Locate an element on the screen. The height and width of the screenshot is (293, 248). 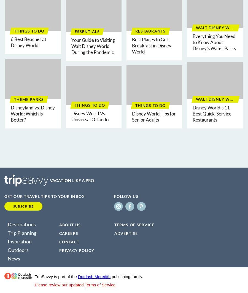
'Dotdash Meredith' is located at coordinates (94, 276).